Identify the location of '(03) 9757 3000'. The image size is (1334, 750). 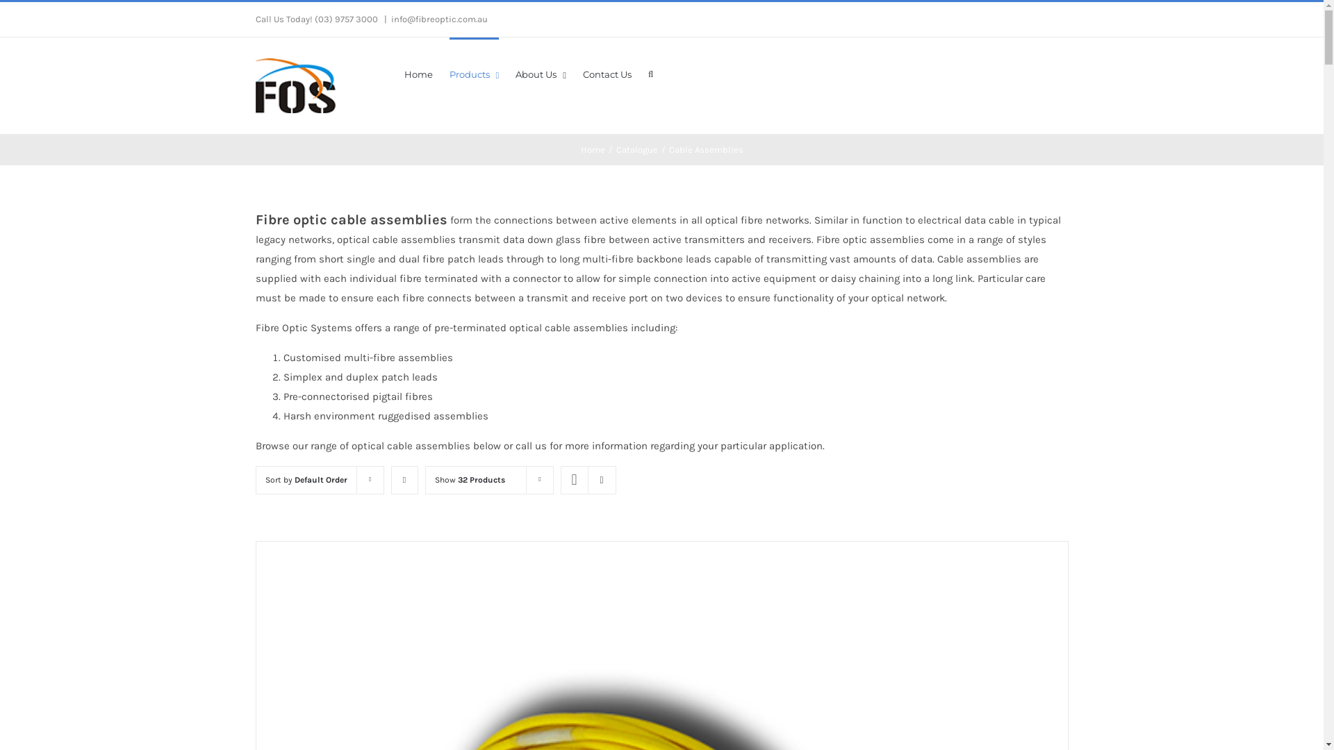
(347, 19).